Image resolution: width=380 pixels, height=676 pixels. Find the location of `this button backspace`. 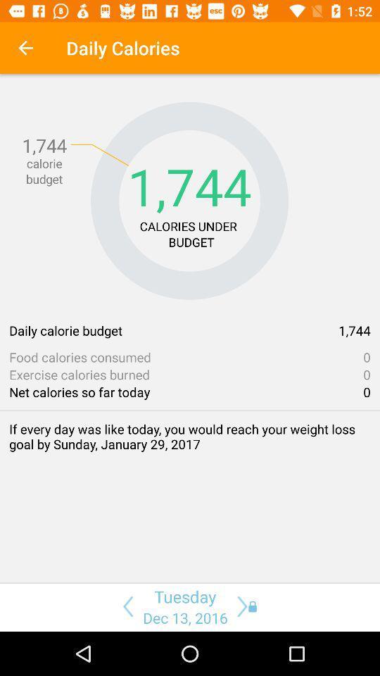

this button backspace is located at coordinates (125, 606).